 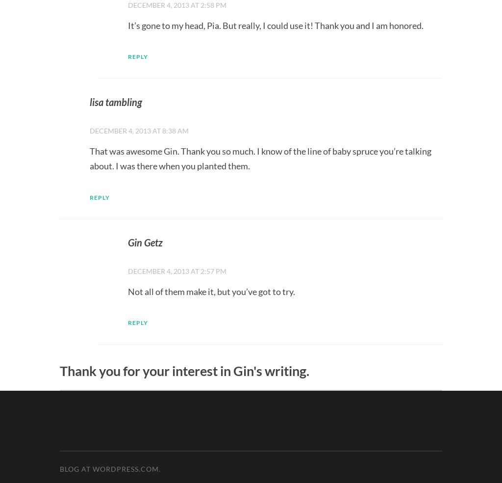 I want to click on 'Not all of them make it, but you’ve got to try.', so click(x=211, y=291).